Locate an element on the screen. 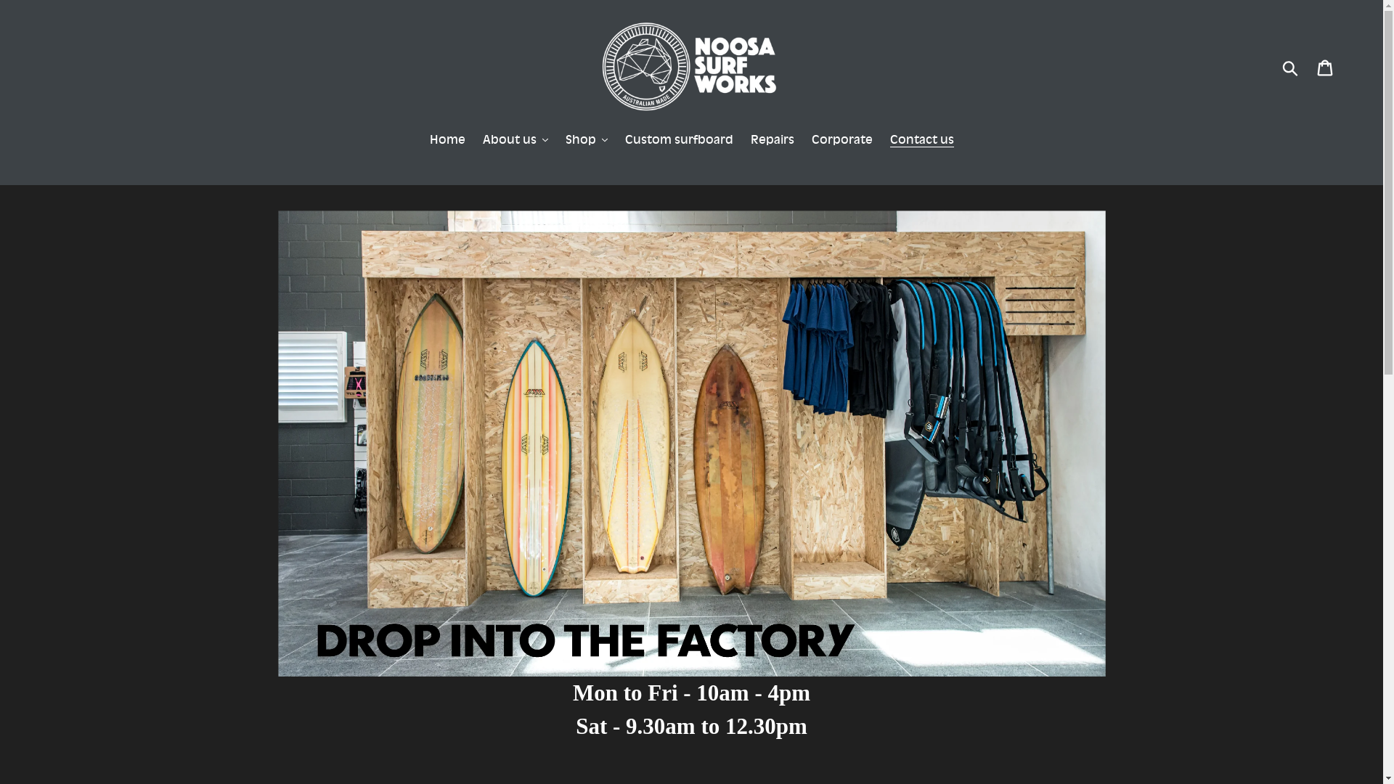 This screenshot has height=784, width=1394. 'Submit' is located at coordinates (1291, 67).